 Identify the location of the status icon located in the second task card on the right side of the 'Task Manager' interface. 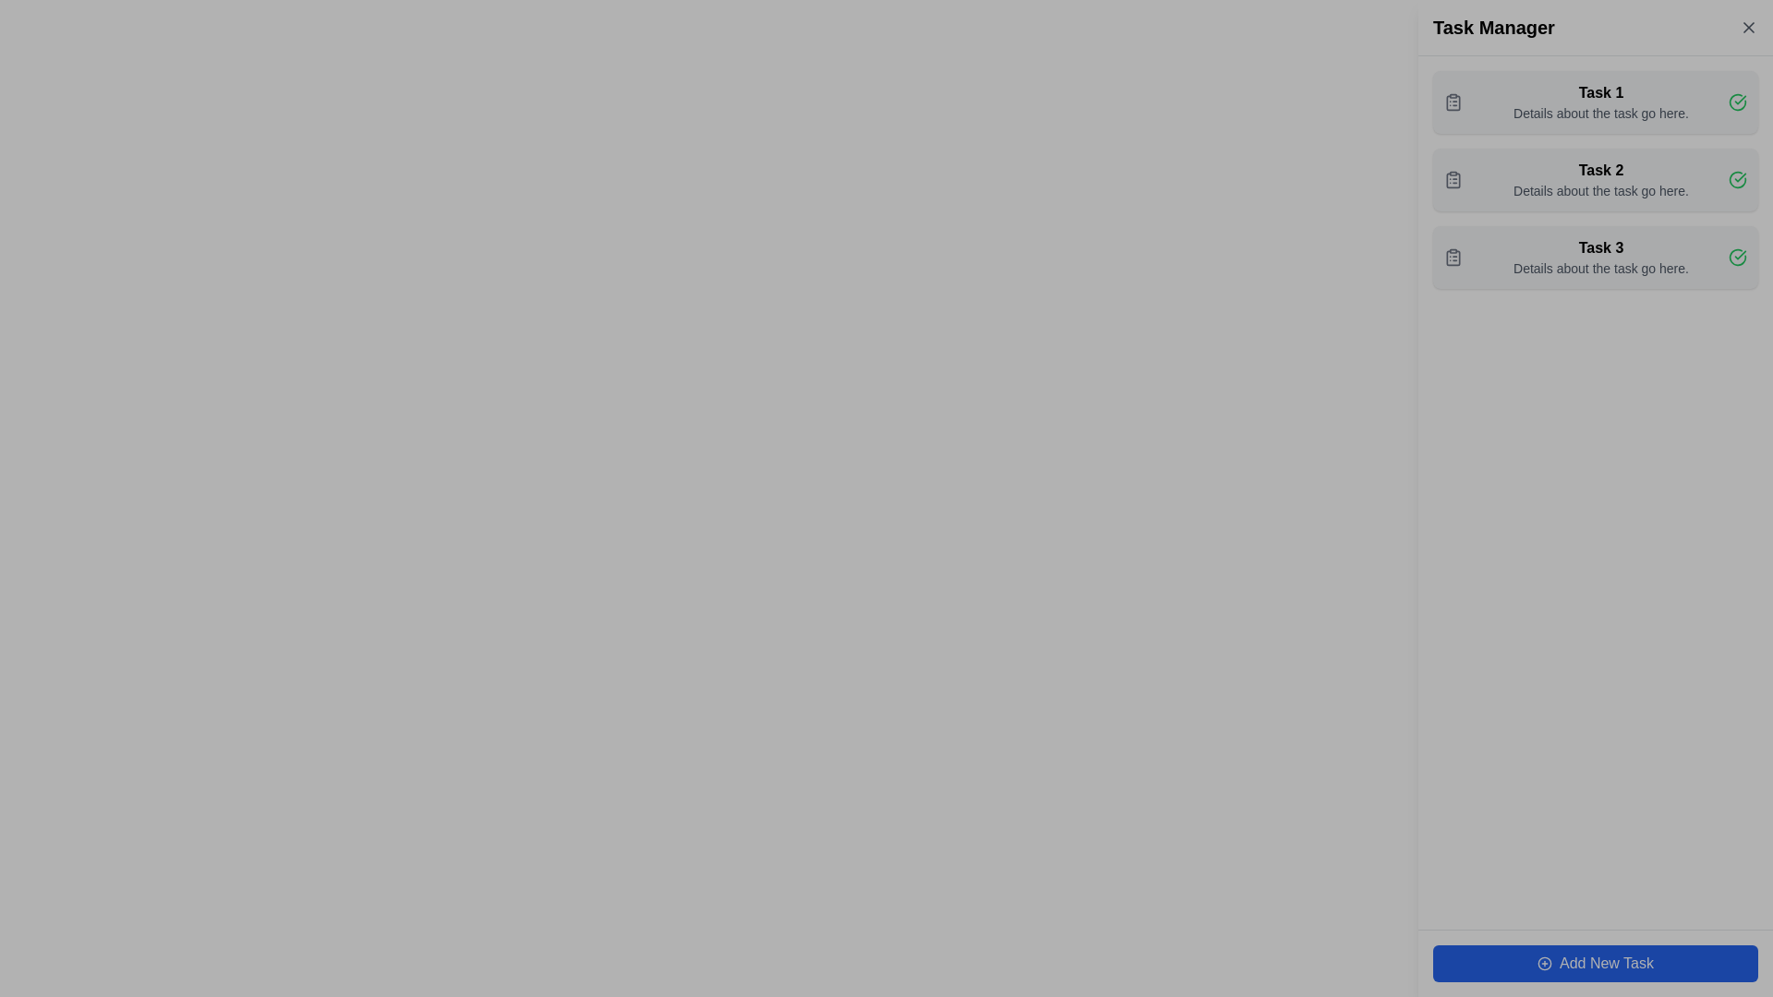
(1736, 178).